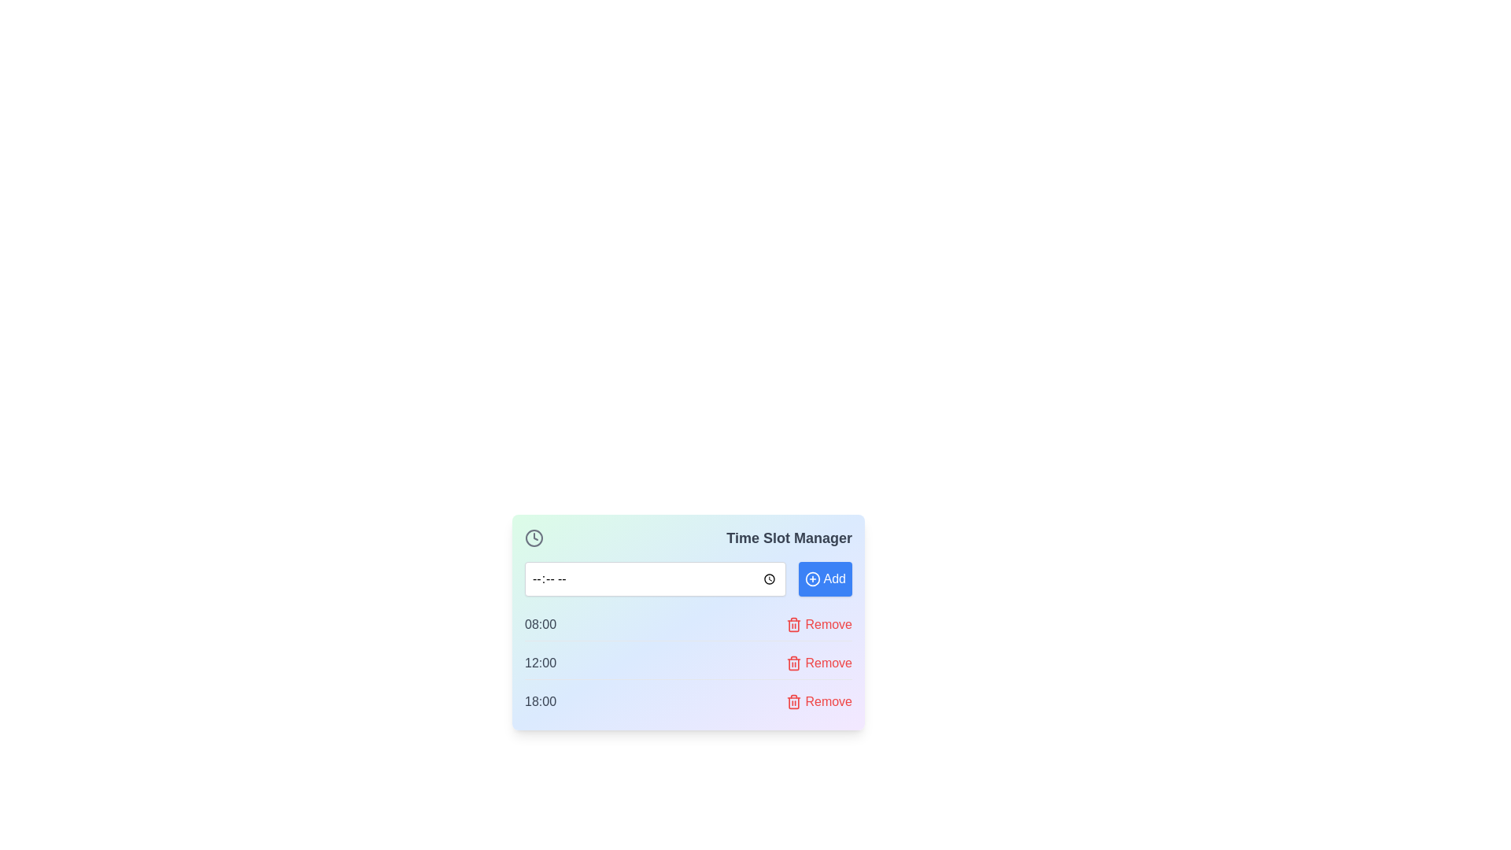 This screenshot has height=850, width=1511. What do you see at coordinates (818, 700) in the screenshot?
I see `the clickable label with an icon located at the end of the row for the time slot '18:00'` at bounding box center [818, 700].